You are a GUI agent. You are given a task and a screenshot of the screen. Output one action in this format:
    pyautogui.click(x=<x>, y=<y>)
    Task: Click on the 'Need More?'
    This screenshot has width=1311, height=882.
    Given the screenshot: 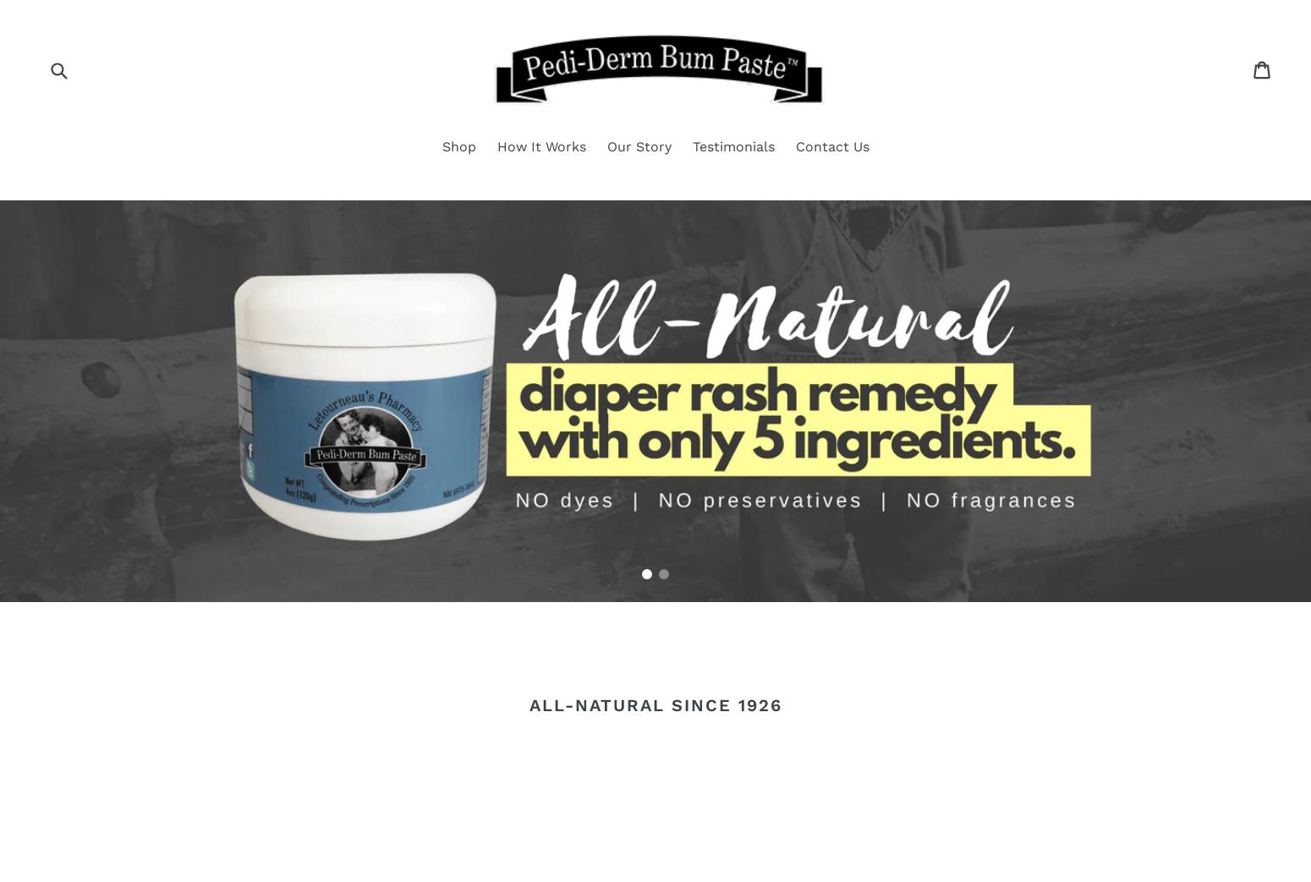 What is the action you would take?
    pyautogui.click(x=655, y=390)
    